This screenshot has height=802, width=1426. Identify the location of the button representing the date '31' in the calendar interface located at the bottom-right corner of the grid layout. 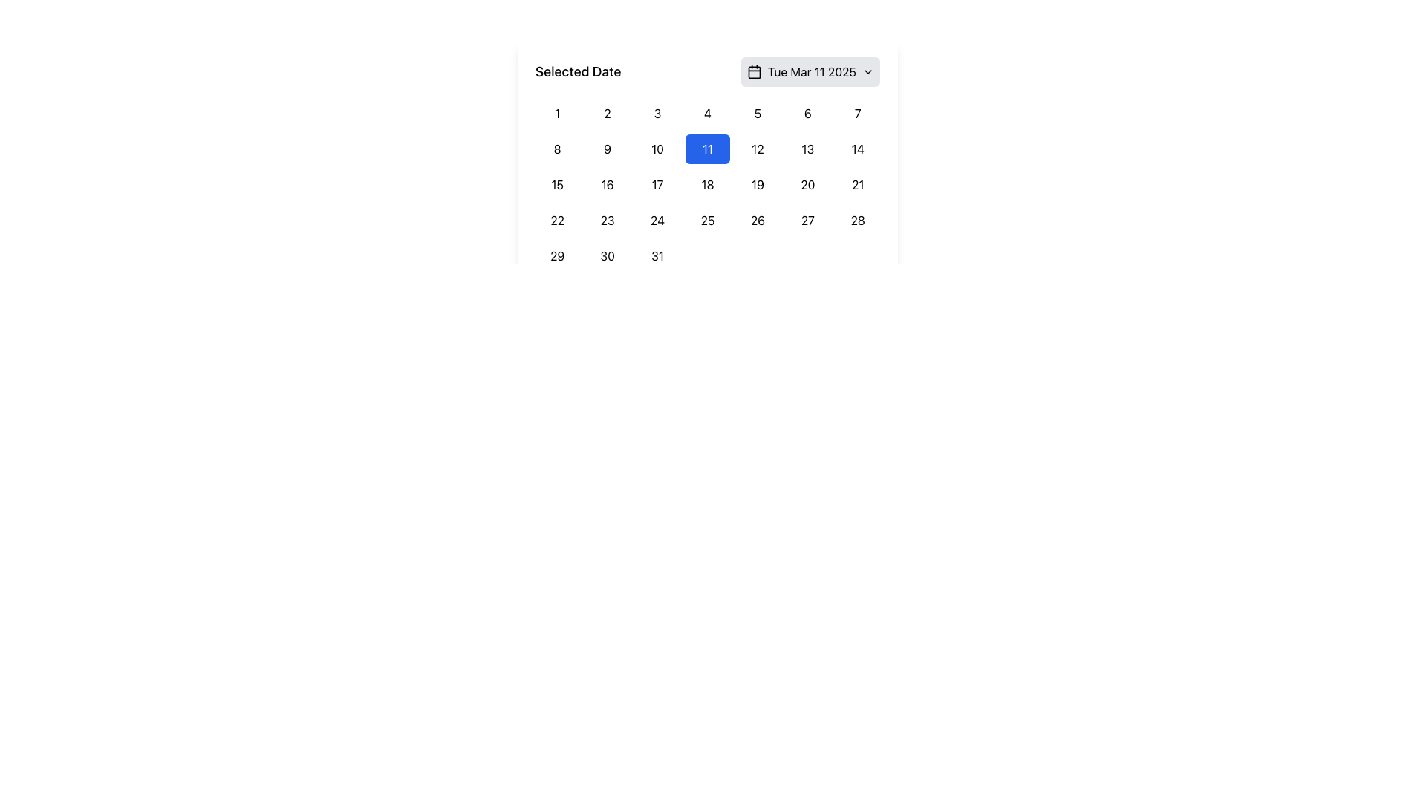
(657, 255).